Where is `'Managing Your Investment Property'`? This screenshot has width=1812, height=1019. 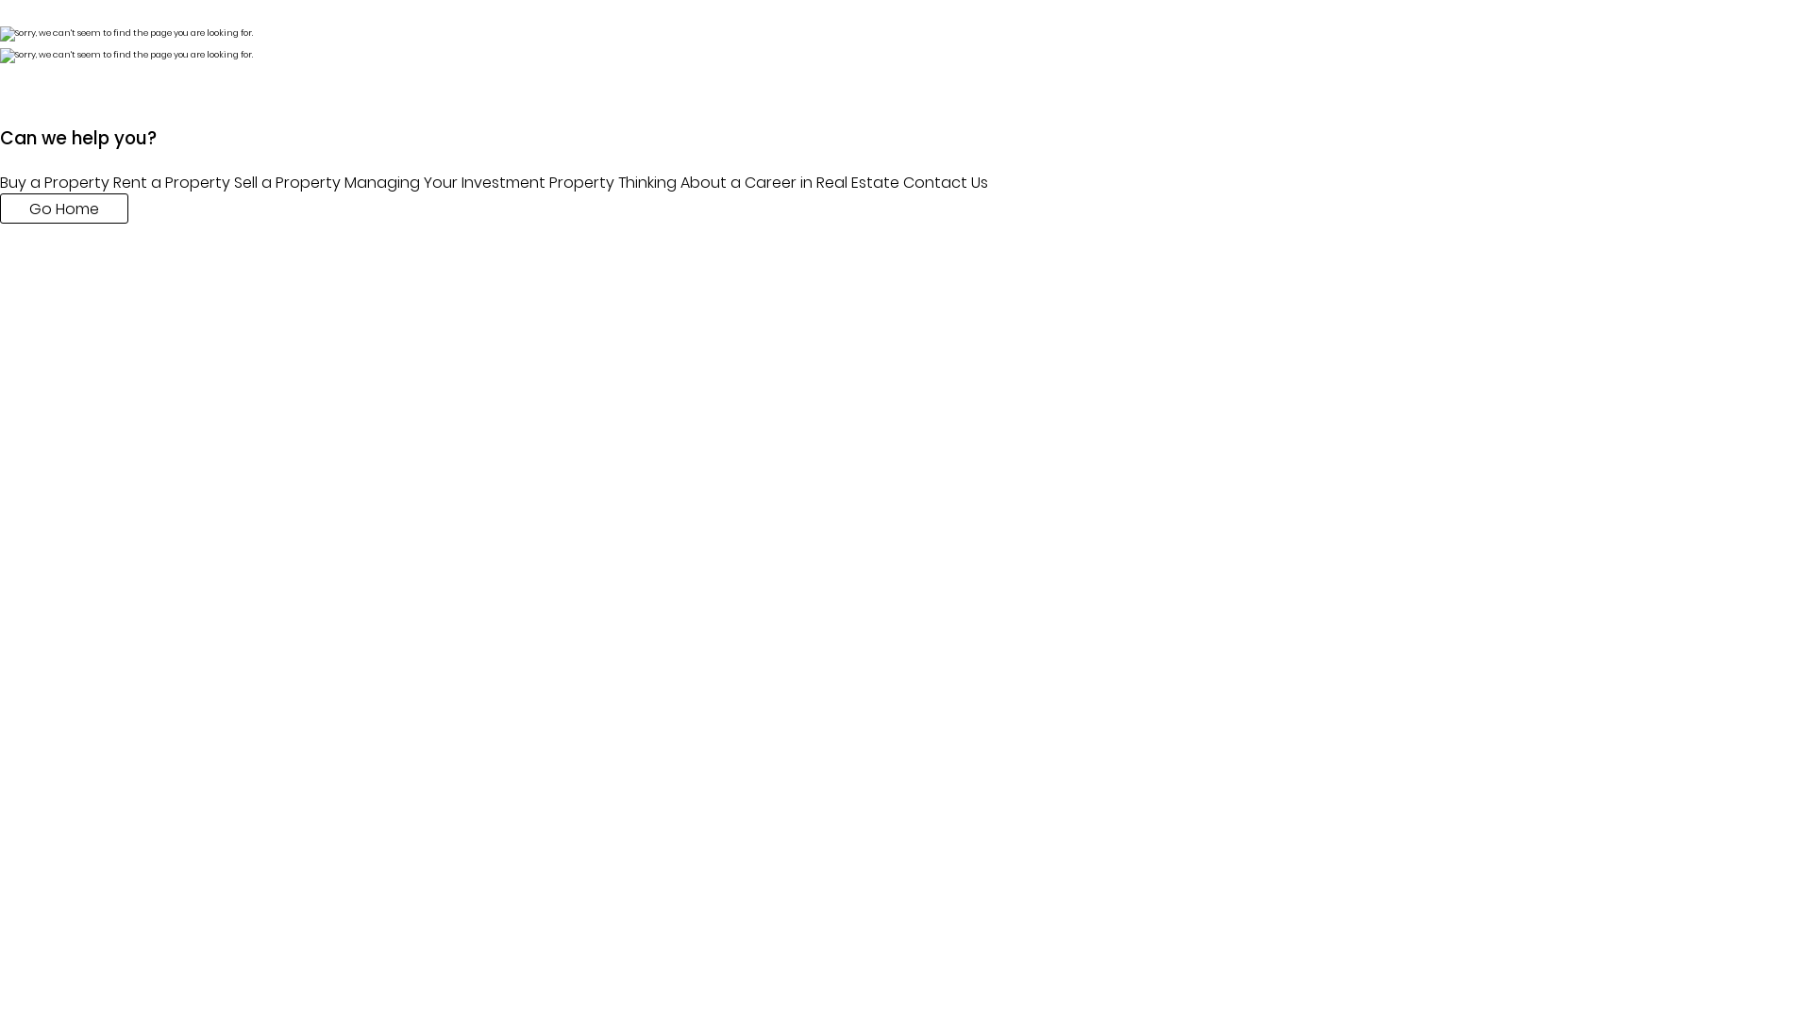 'Managing Your Investment Property' is located at coordinates (344, 182).